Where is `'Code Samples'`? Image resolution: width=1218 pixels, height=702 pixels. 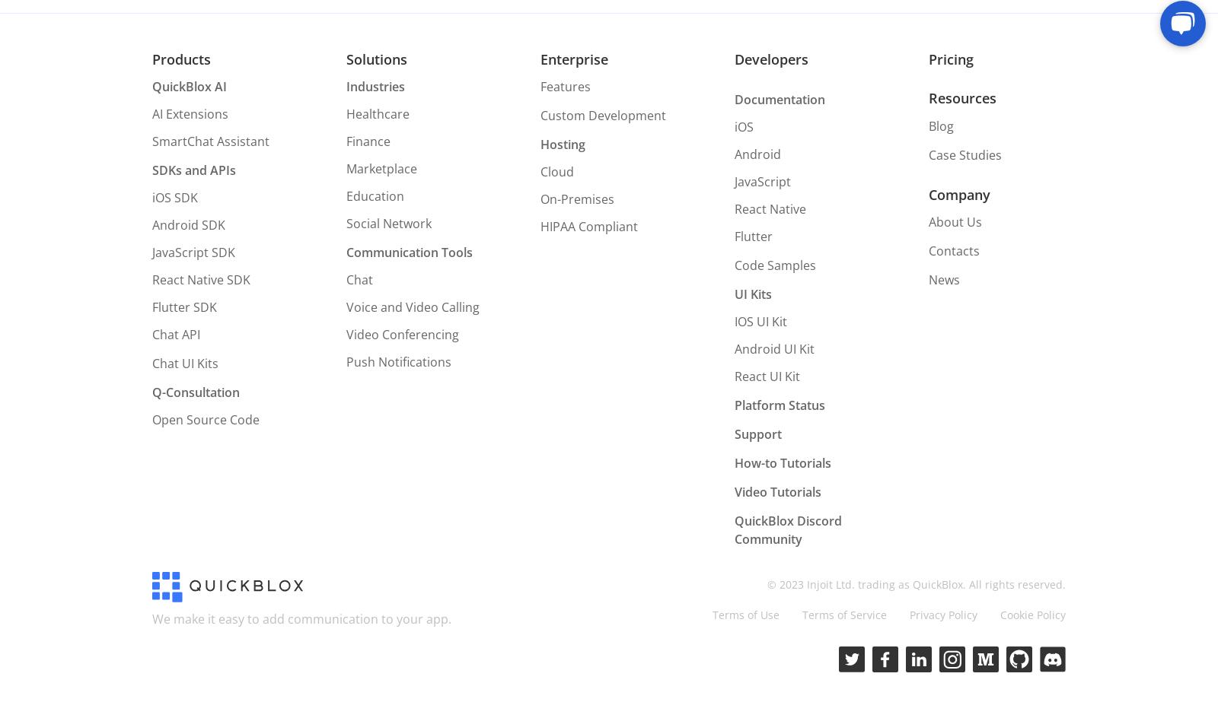 'Code Samples' is located at coordinates (775, 265).